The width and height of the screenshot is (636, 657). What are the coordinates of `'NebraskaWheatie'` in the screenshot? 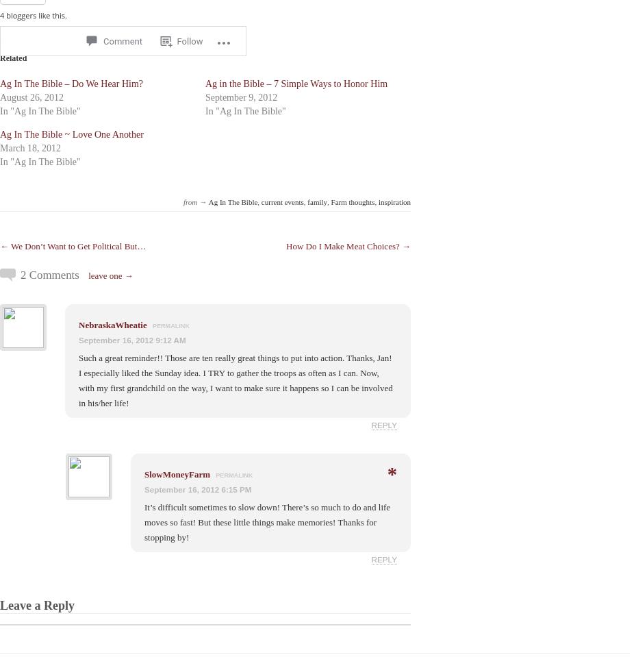 It's located at (112, 324).